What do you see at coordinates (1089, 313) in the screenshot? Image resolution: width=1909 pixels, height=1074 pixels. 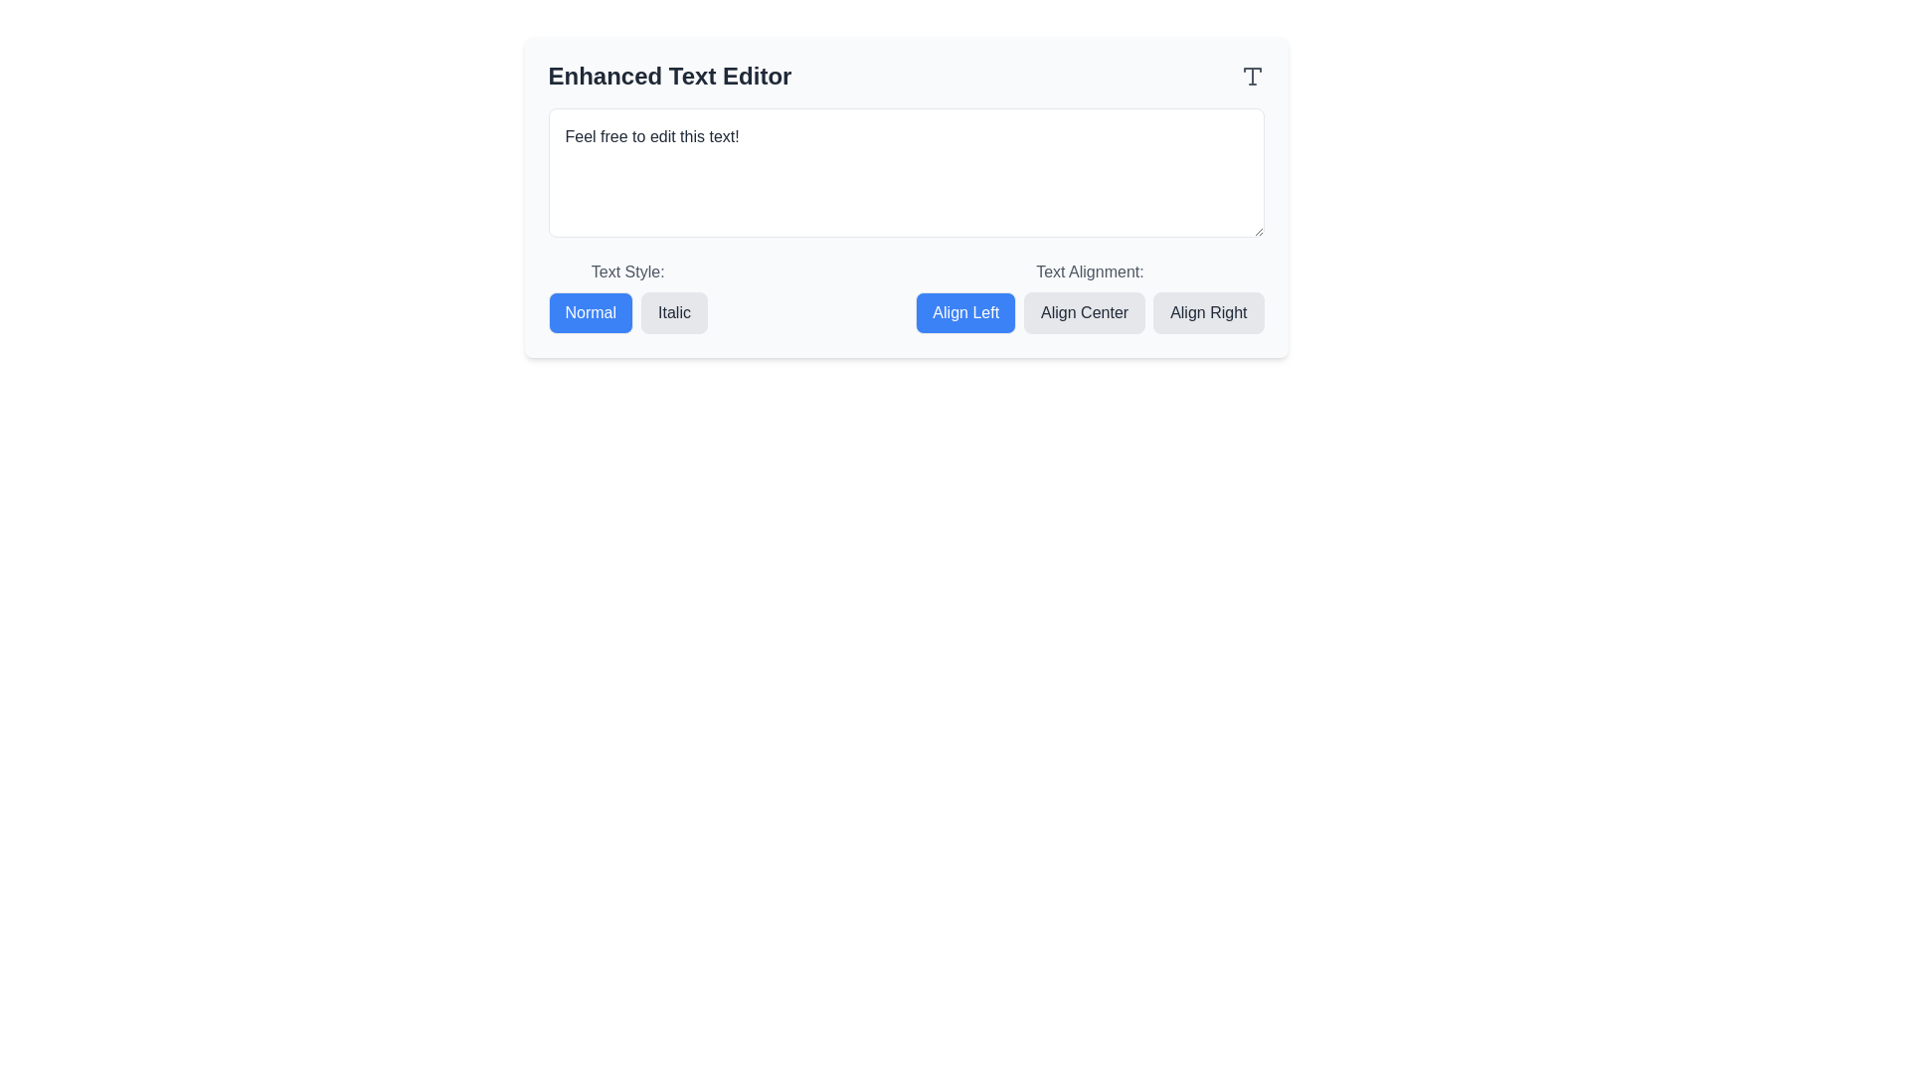 I see `the 'Align Center' button, which is the central button in the 'Text Alignment:' section, to align text to the center` at bounding box center [1089, 313].